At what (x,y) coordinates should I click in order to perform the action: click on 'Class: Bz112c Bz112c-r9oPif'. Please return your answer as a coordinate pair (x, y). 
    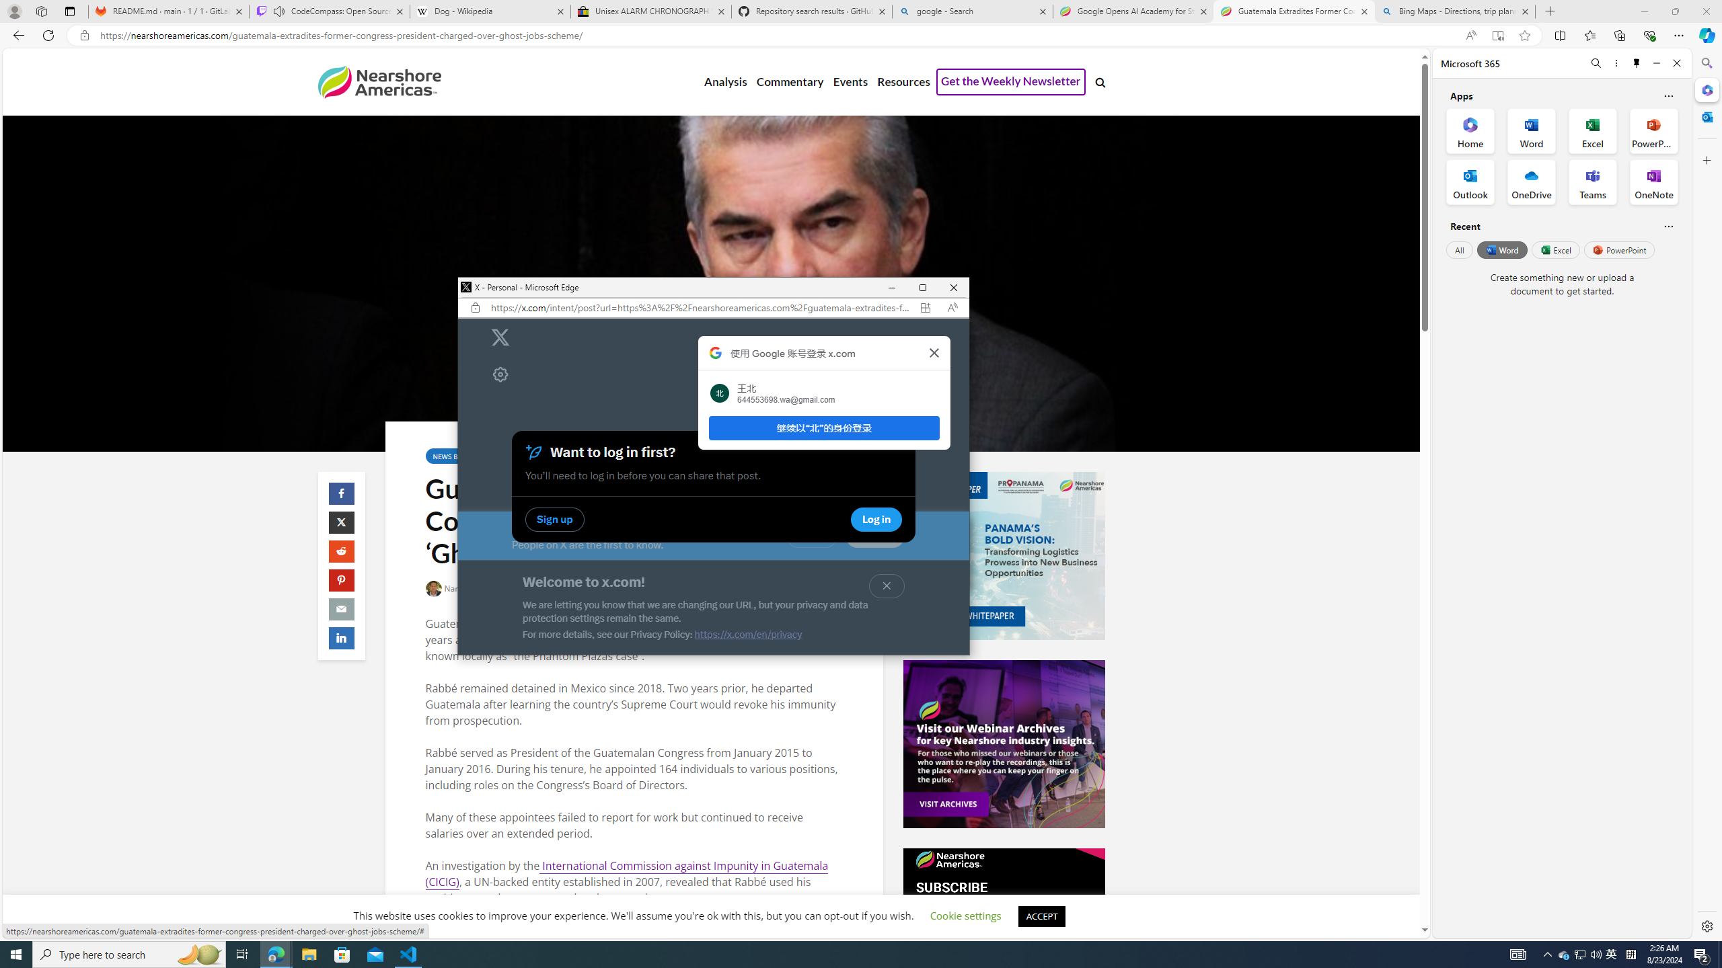
    Looking at the image, I should click on (933, 352).